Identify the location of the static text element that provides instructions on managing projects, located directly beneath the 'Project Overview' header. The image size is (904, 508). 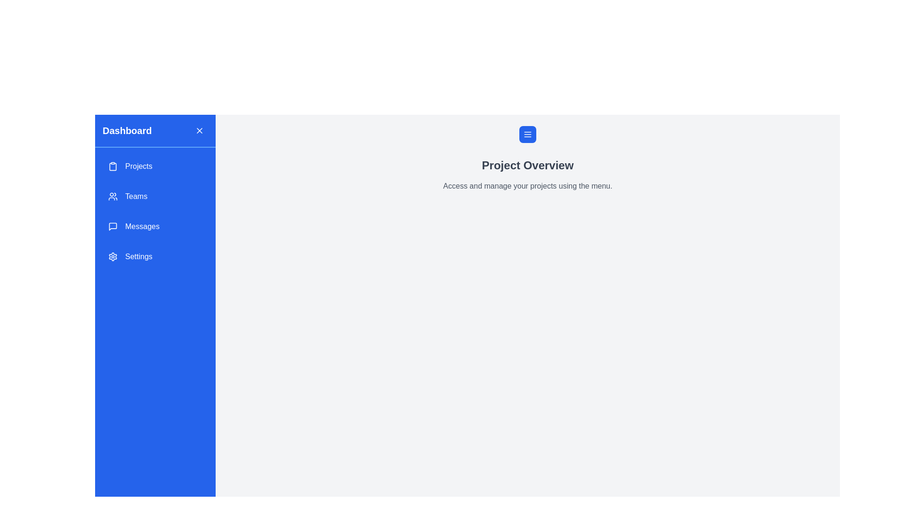
(528, 186).